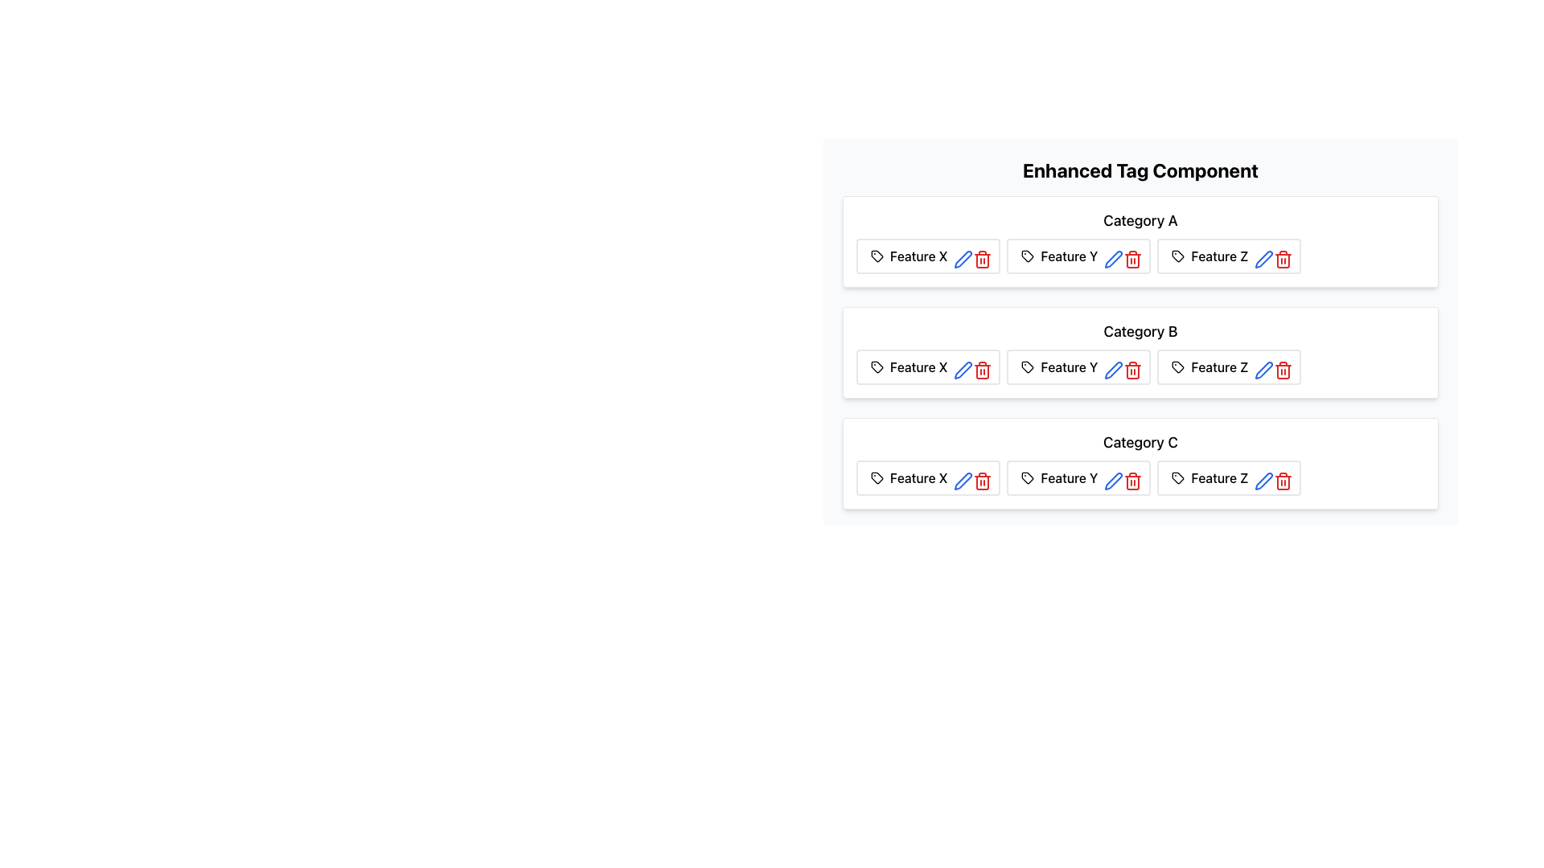 This screenshot has height=868, width=1544. Describe the element at coordinates (1263, 371) in the screenshot. I see `the edit button represented by a pen icon to initiate editing of the 'Feature Z' item within 'Category B'` at that location.